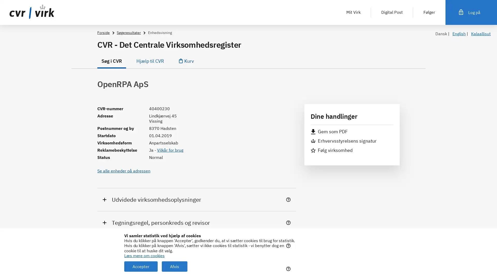  Describe the element at coordinates (289, 199) in the screenshot. I see `Ls mere om Udvidede virksomhedsoplysninger` at that location.